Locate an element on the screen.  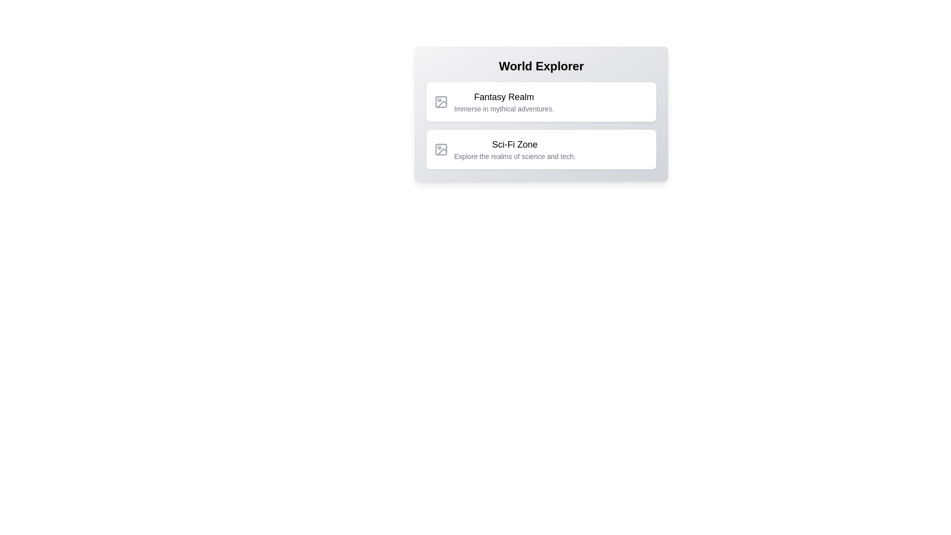
the small rectangle with rounded corners inside the image icon, which symbolizes an image or picture placeholder, located in the top-left portion of the icon next to the 'Fantasy Realm' text section is located at coordinates (441, 102).